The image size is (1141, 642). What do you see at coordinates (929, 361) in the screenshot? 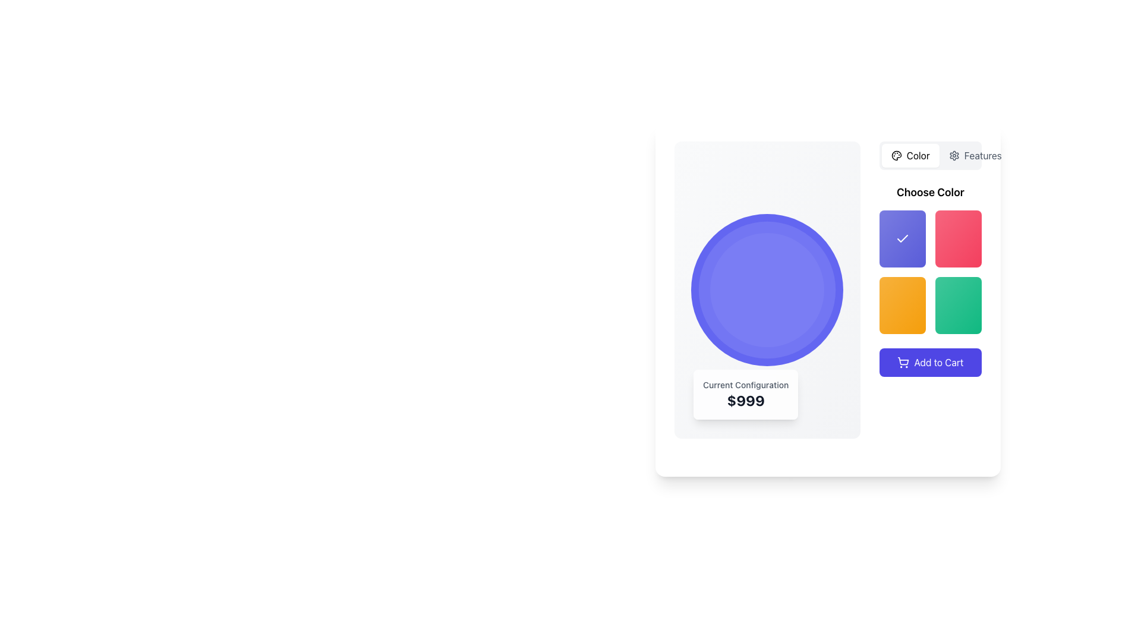
I see `the 'Add to Cart' button located in the bottom-right section of the interactive panel, which features a purple background and a shopping cart icon` at bounding box center [929, 361].